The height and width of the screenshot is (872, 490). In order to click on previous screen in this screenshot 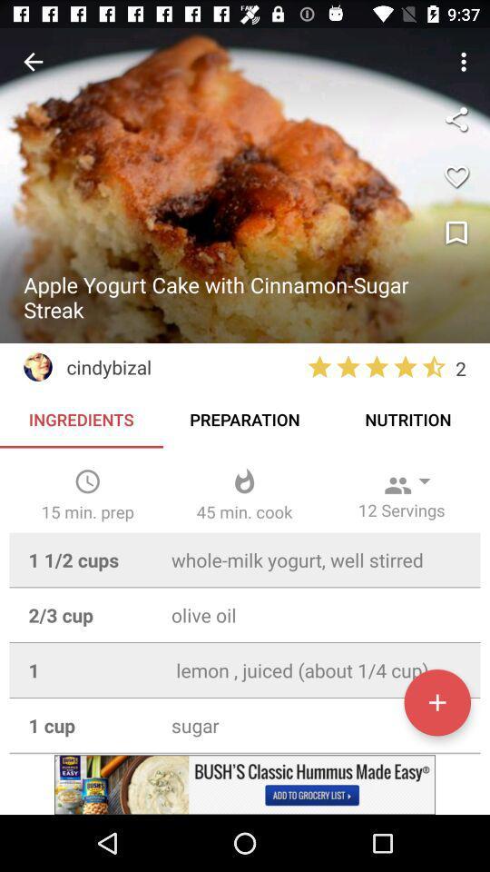, I will do `click(33, 62)`.